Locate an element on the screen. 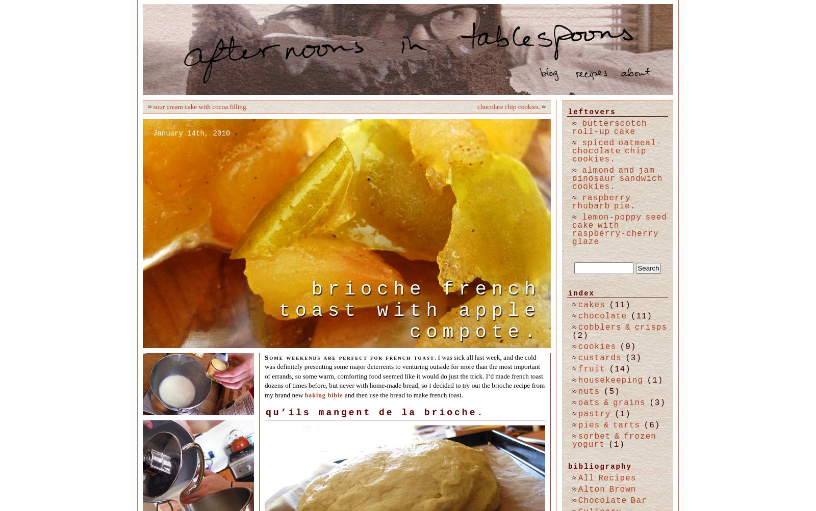 The image size is (816, 511). 'oats & grains' is located at coordinates (611, 402).